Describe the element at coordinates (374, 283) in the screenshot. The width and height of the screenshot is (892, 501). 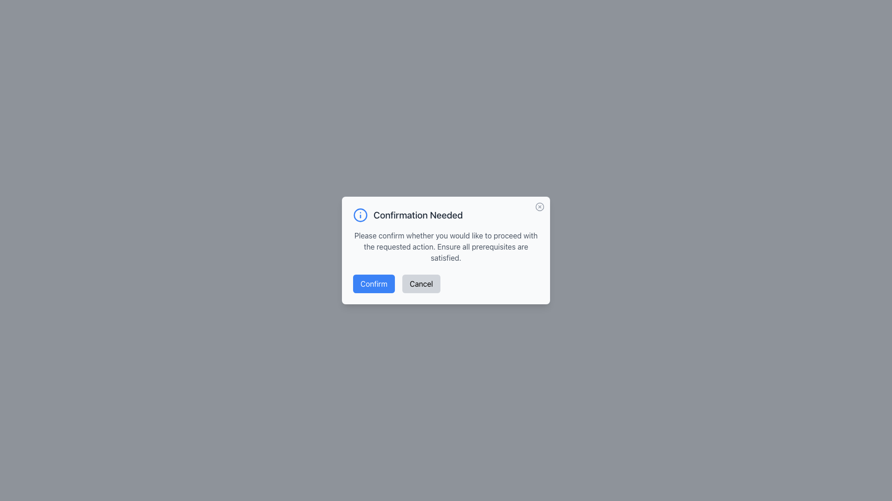
I see `the confirmation button located at the bottom section of the dialog box, to the left of the 'Cancel' button, to trigger the hover effect` at that location.